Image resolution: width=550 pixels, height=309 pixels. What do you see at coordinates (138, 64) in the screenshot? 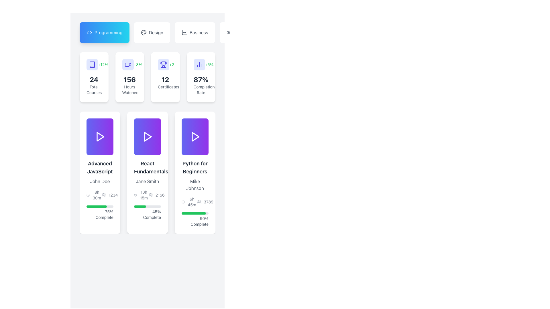
I see `the decorative text indicator located in the upper-right section of the second data card, which provides visual feedback about a positive trend` at bounding box center [138, 64].